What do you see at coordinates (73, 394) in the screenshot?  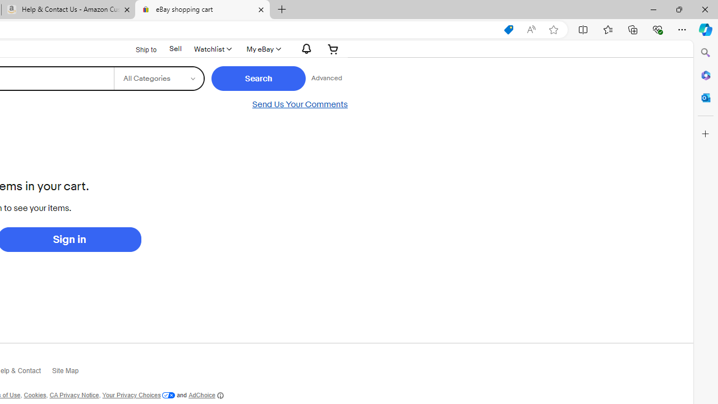 I see `'CA Privacy Notice'` at bounding box center [73, 394].